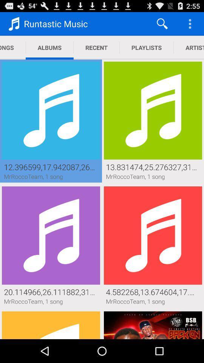 The width and height of the screenshot is (204, 363). Describe the element at coordinates (49, 47) in the screenshot. I see `icon next to songs icon` at that location.